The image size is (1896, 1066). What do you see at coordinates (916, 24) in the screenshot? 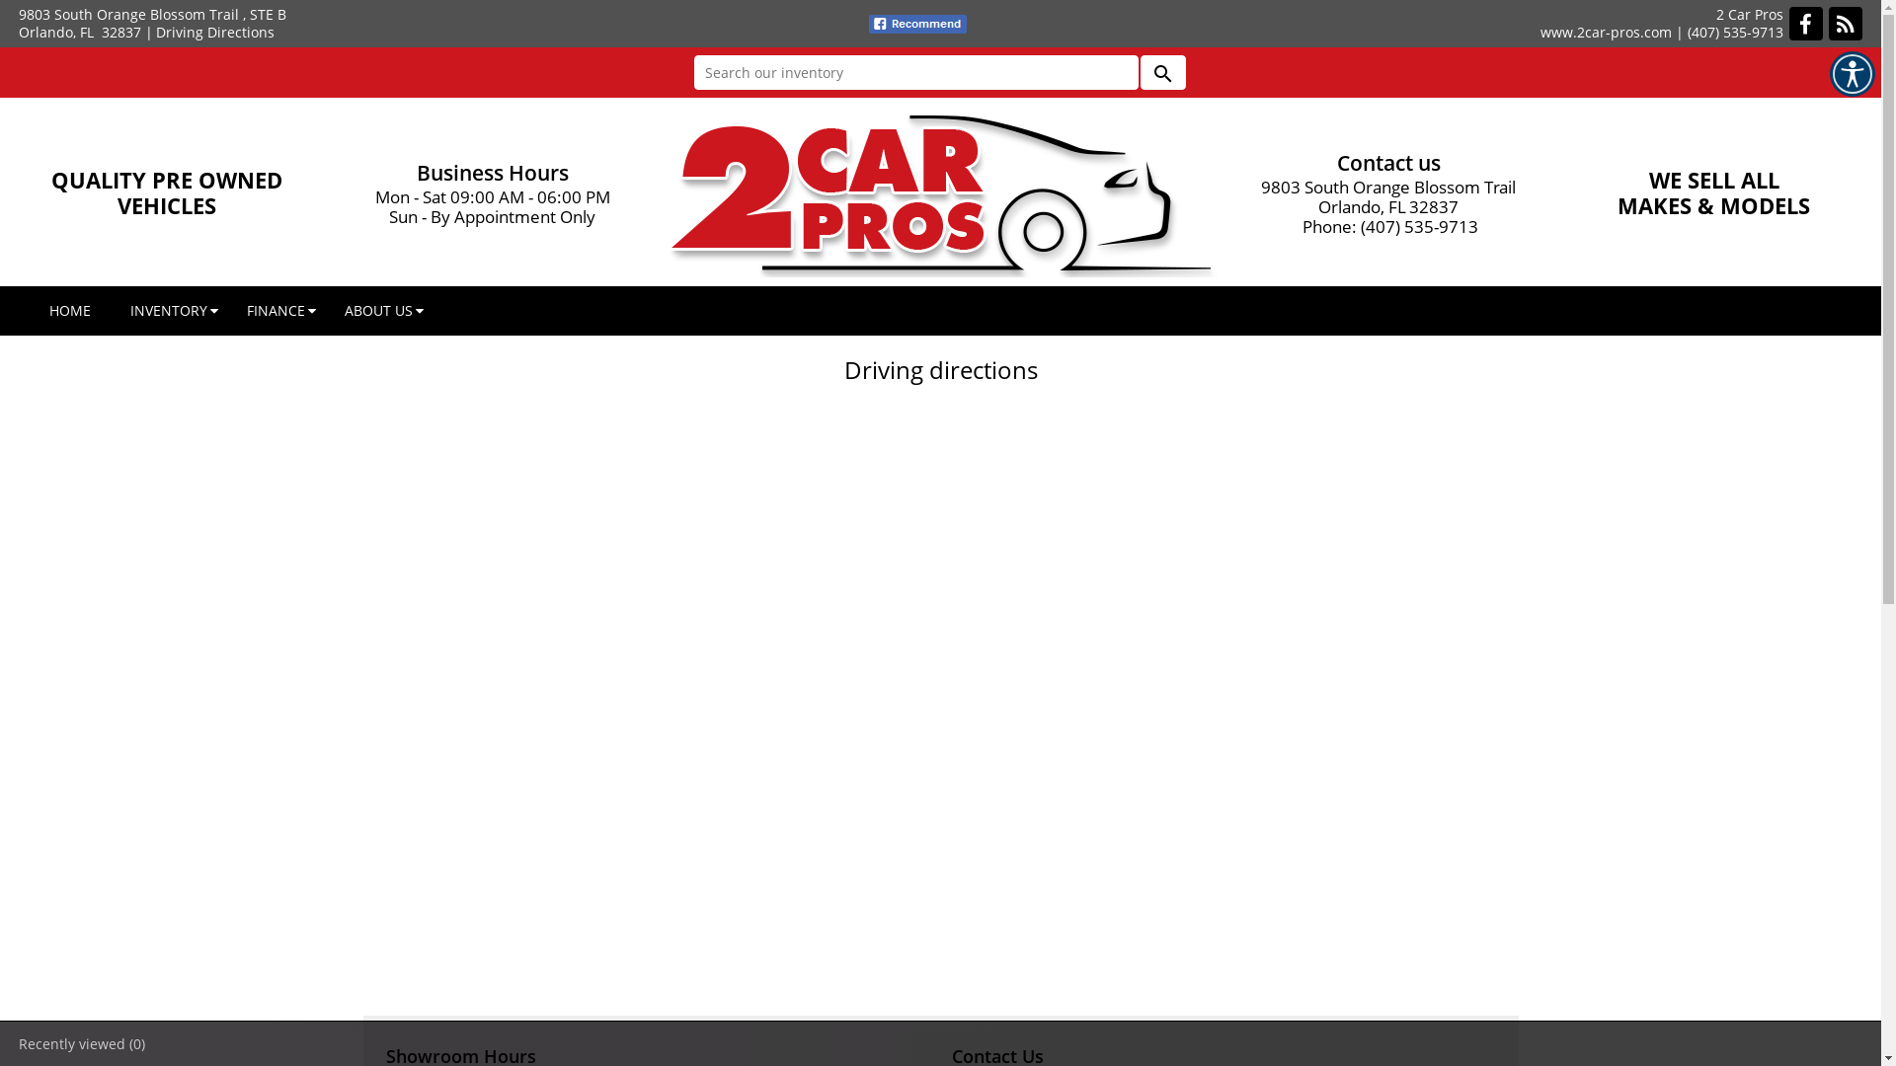
I see `'fb recommend'` at bounding box center [916, 24].